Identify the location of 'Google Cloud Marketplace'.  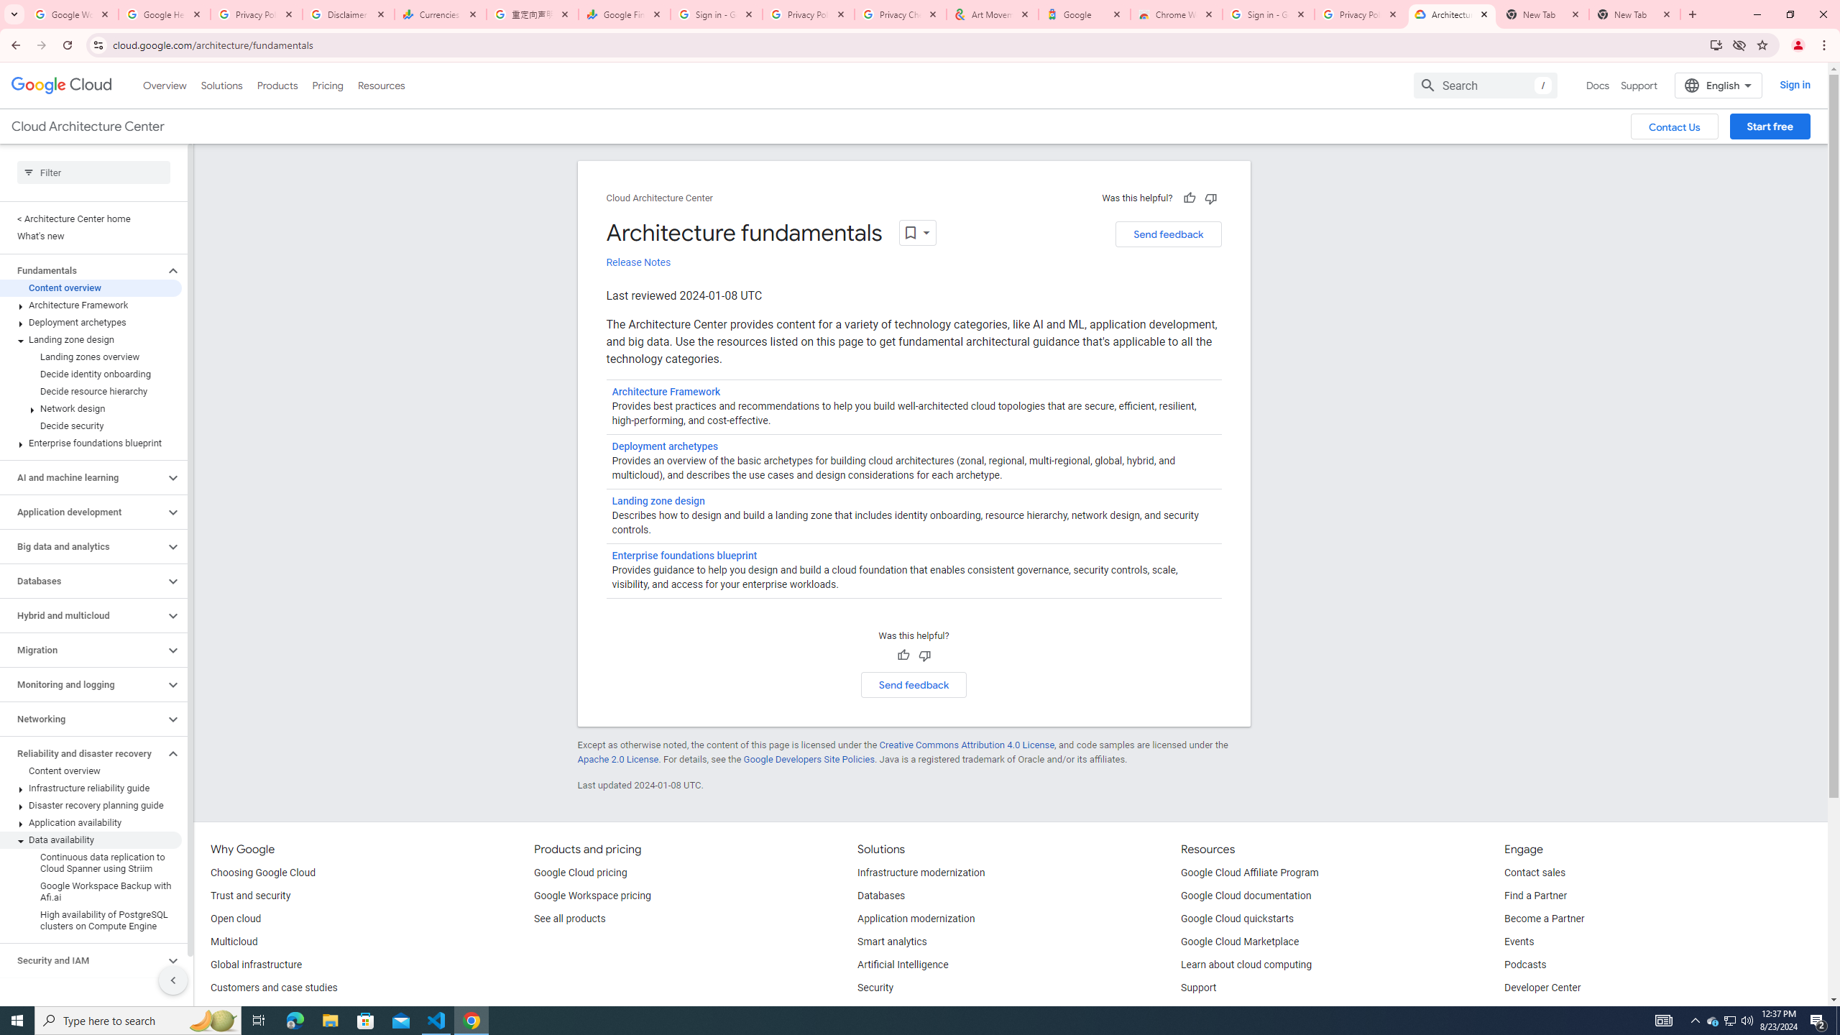
(1239, 942).